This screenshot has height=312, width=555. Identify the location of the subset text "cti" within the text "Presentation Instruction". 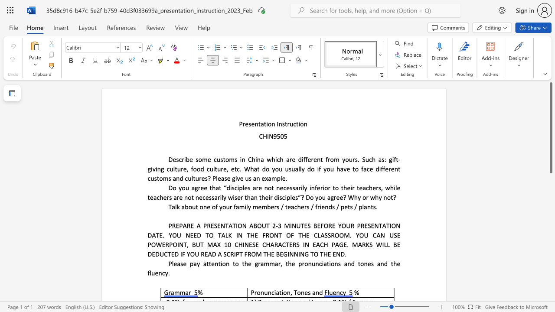
(293, 124).